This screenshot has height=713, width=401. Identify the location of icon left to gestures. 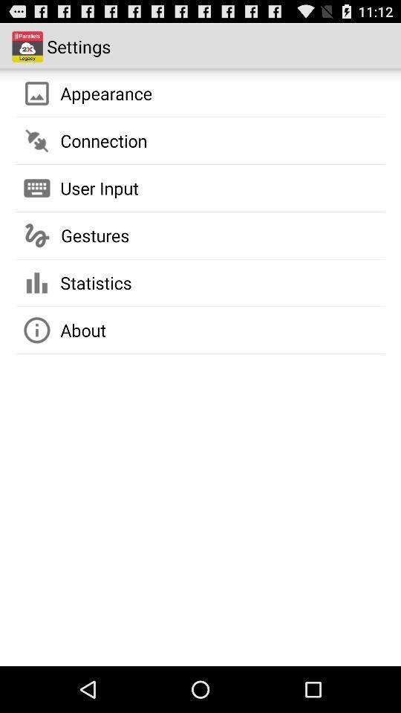
(37, 235).